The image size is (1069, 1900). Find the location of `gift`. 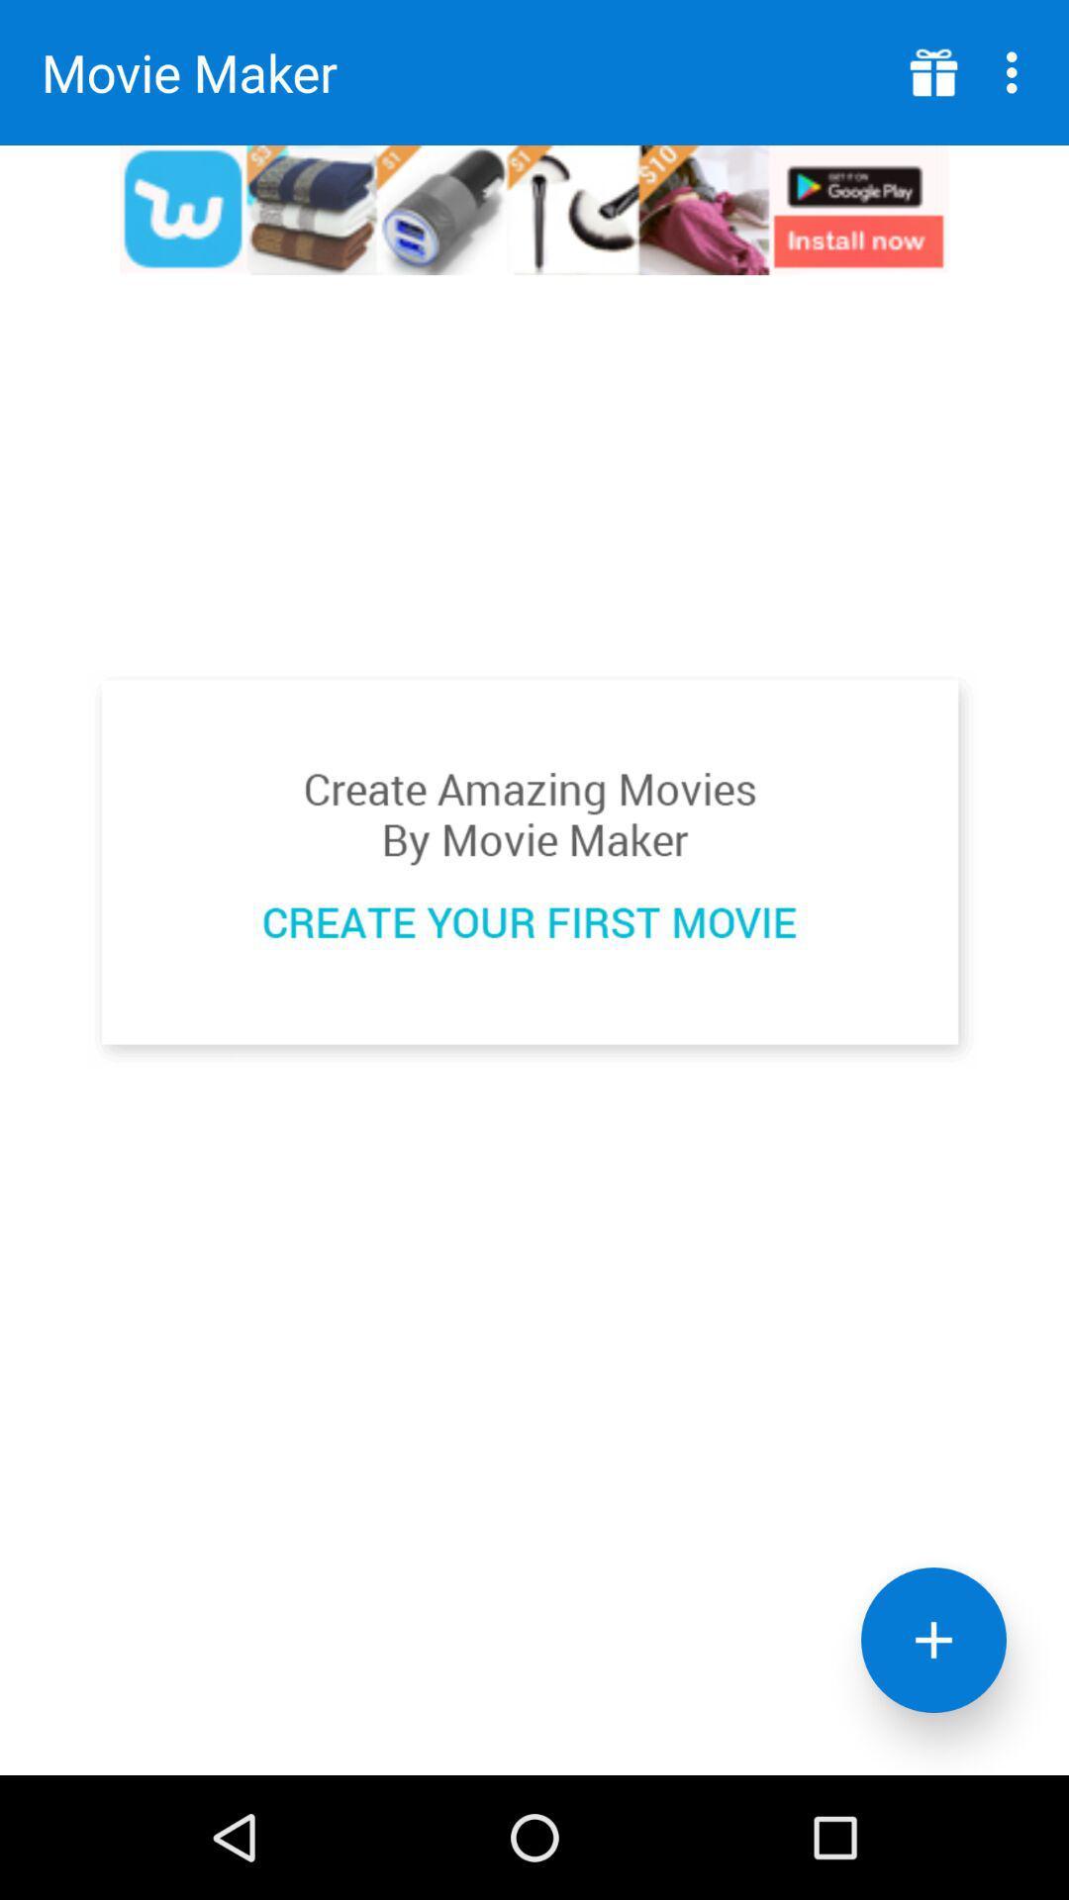

gift is located at coordinates (933, 72).